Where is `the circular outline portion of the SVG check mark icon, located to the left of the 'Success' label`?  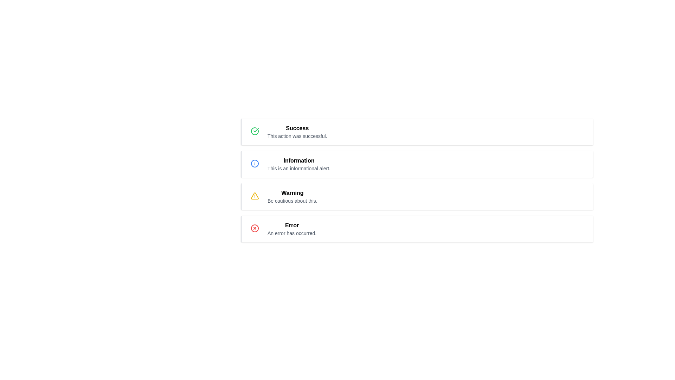
the circular outline portion of the SVG check mark icon, located to the left of the 'Success' label is located at coordinates (254, 131).